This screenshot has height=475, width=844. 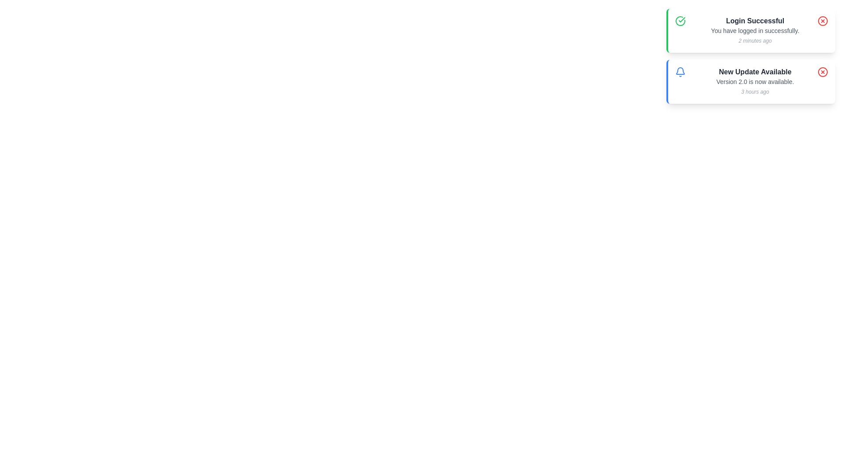 I want to click on the notification to view its details, so click(x=750, y=56).